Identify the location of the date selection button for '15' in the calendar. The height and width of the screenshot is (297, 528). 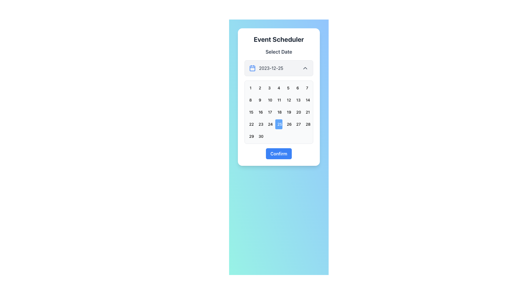
(250, 112).